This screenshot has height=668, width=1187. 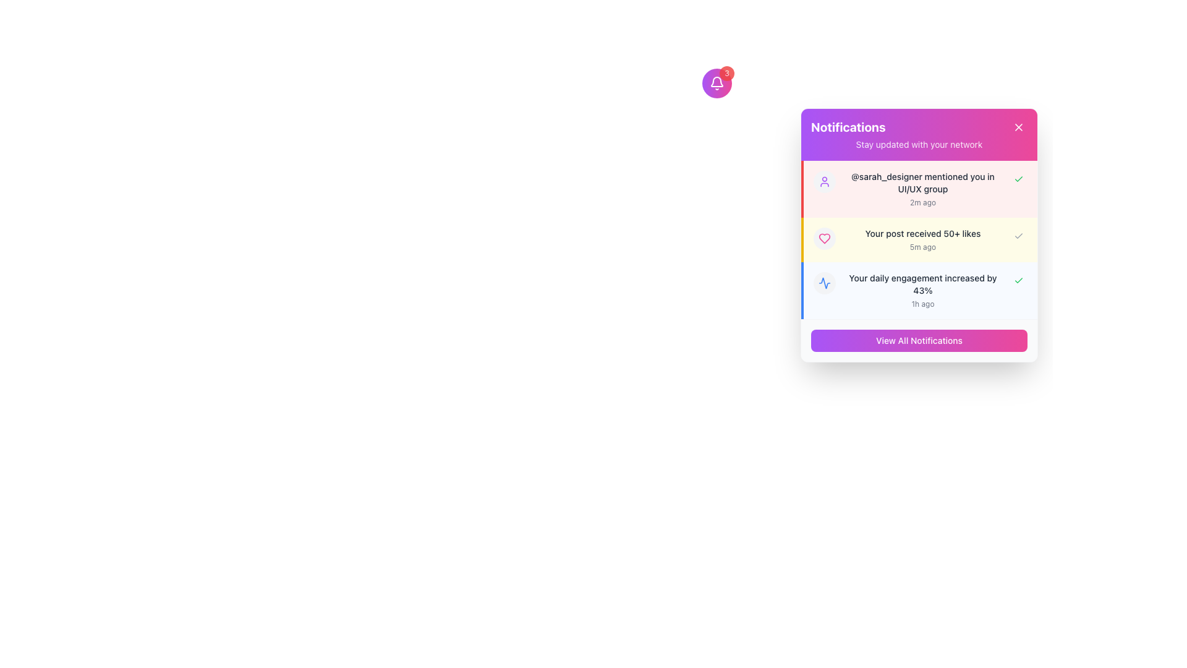 What do you see at coordinates (825, 238) in the screenshot?
I see `the circular icon with a light gray background and a pink heart-shaped outline, located at the top-left corner of the notification entry that states 'Your post received 50+ likes'` at bounding box center [825, 238].